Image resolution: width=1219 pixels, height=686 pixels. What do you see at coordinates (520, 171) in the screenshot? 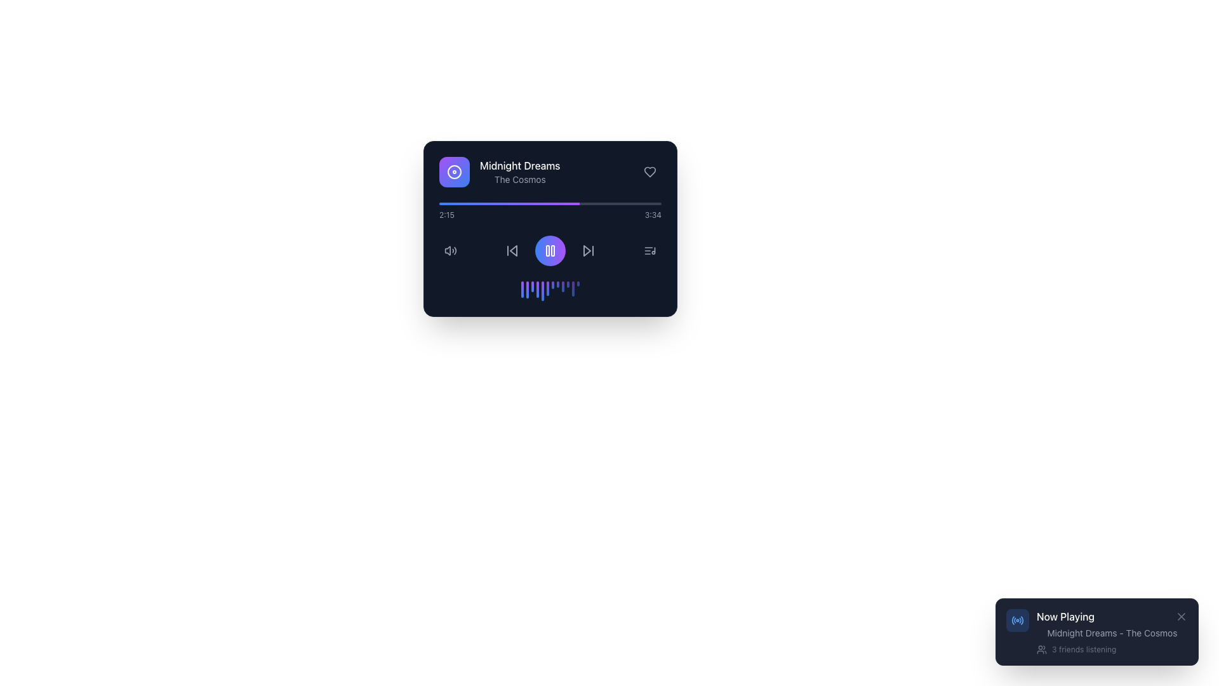
I see `the Text block containing 'Midnight Dreams' and 'The Cosmos', which is aligned left and enclosed in a dark background interface, located to the right of a circular icon` at bounding box center [520, 171].